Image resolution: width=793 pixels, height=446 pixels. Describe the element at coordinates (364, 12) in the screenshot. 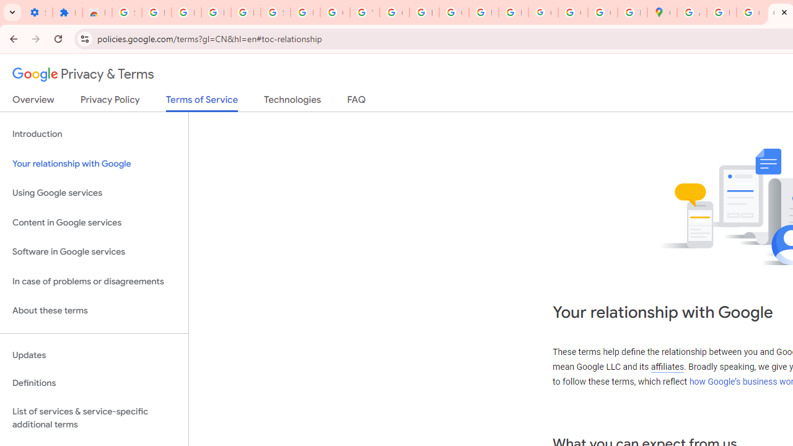

I see `'YouTube'` at that location.